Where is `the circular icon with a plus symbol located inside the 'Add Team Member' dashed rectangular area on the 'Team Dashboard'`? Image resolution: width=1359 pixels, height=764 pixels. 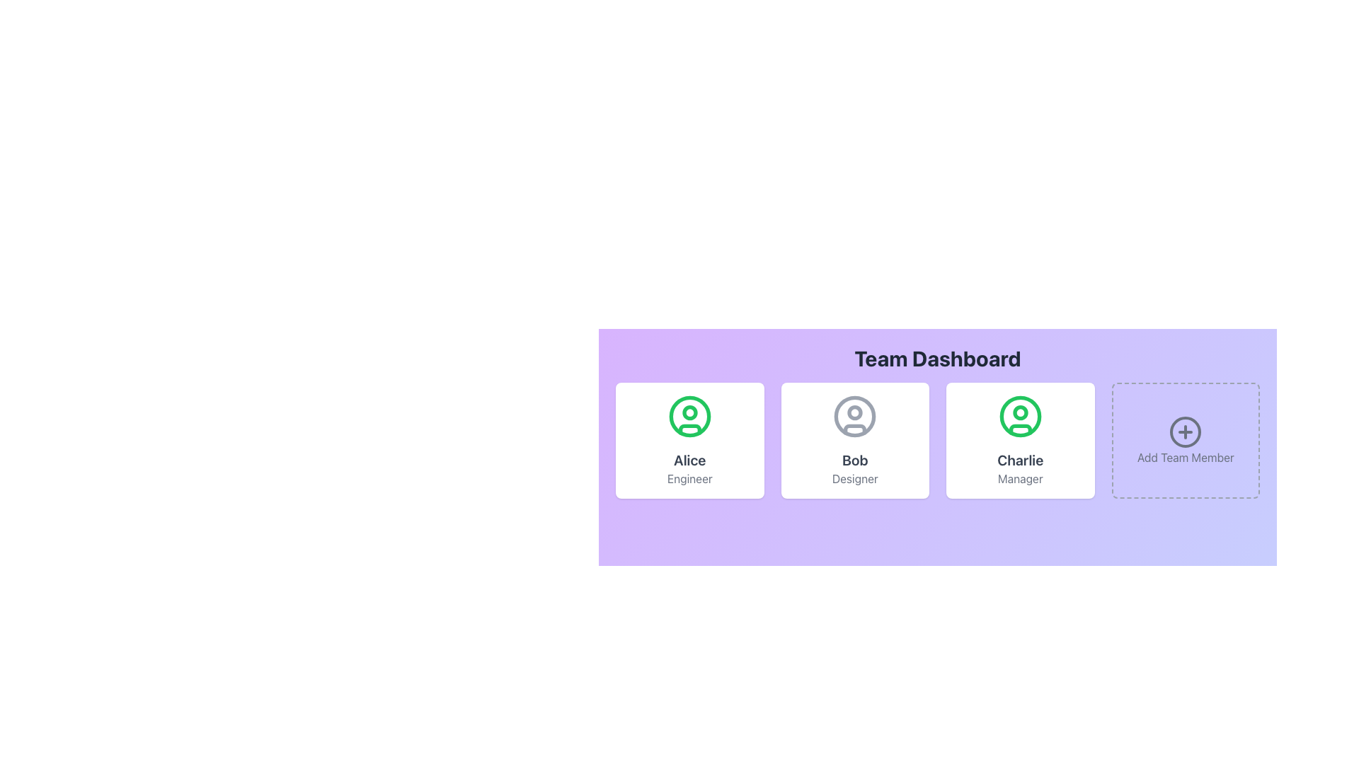
the circular icon with a plus symbol located inside the 'Add Team Member' dashed rectangular area on the 'Team Dashboard' is located at coordinates (1186, 431).